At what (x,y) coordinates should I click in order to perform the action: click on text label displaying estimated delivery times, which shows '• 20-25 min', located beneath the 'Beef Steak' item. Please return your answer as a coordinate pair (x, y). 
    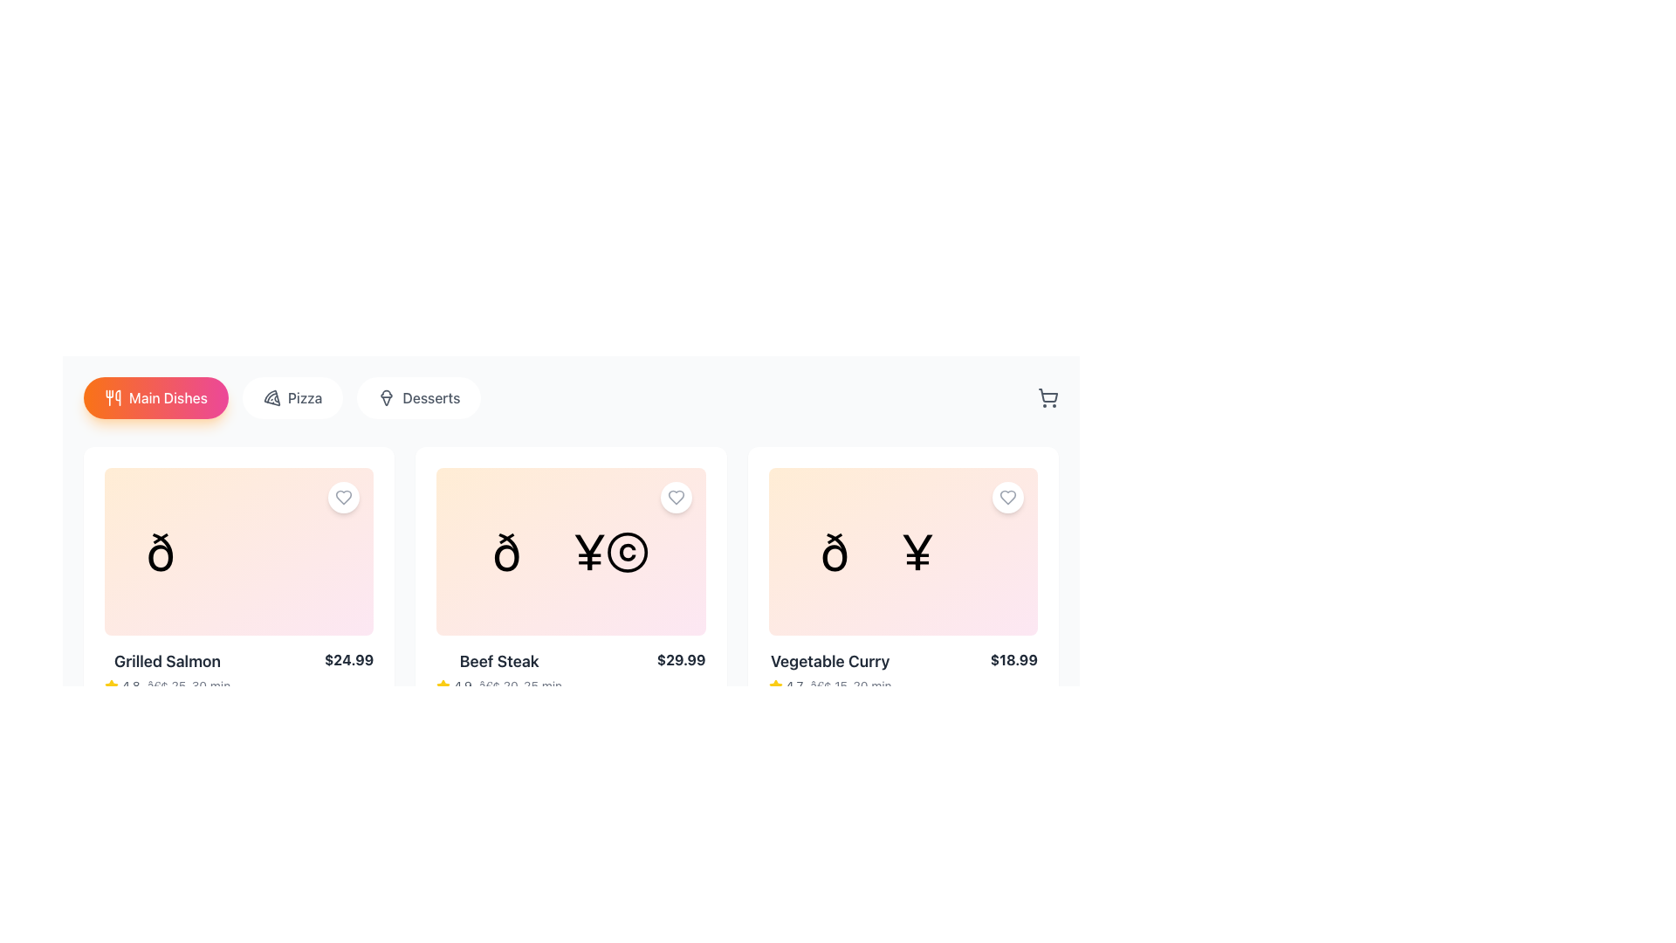
    Looking at the image, I should click on (519, 685).